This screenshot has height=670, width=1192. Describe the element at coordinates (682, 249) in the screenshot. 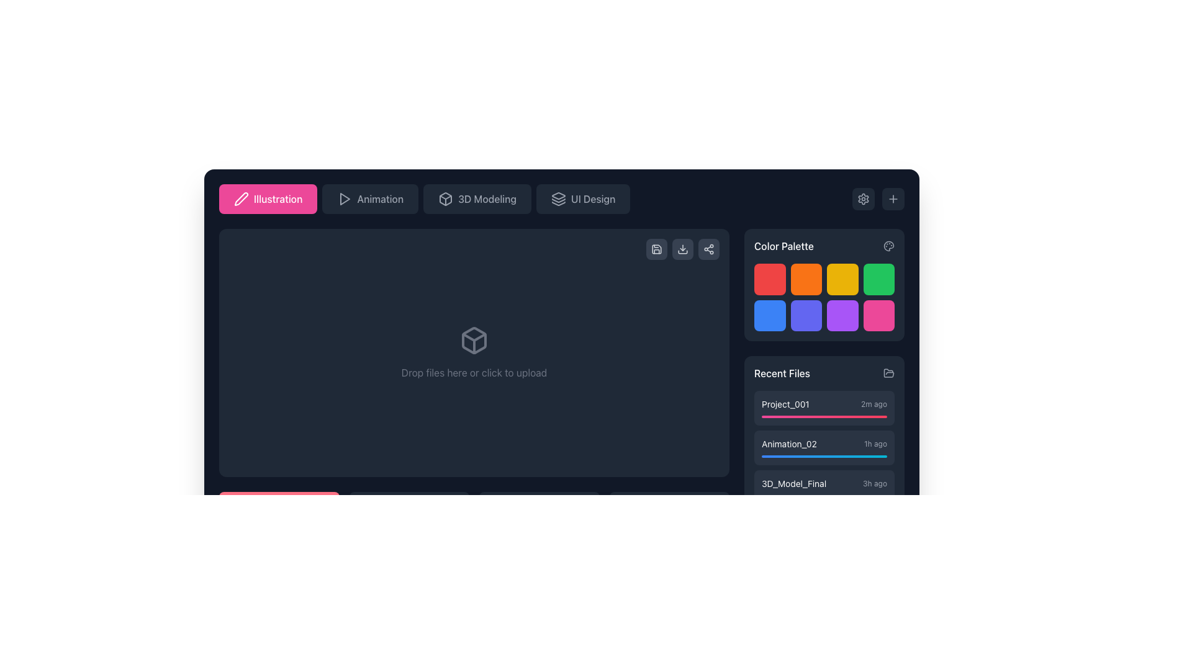

I see `the Download icon located at the top-right section of the main design workspace to initiate a download` at that location.